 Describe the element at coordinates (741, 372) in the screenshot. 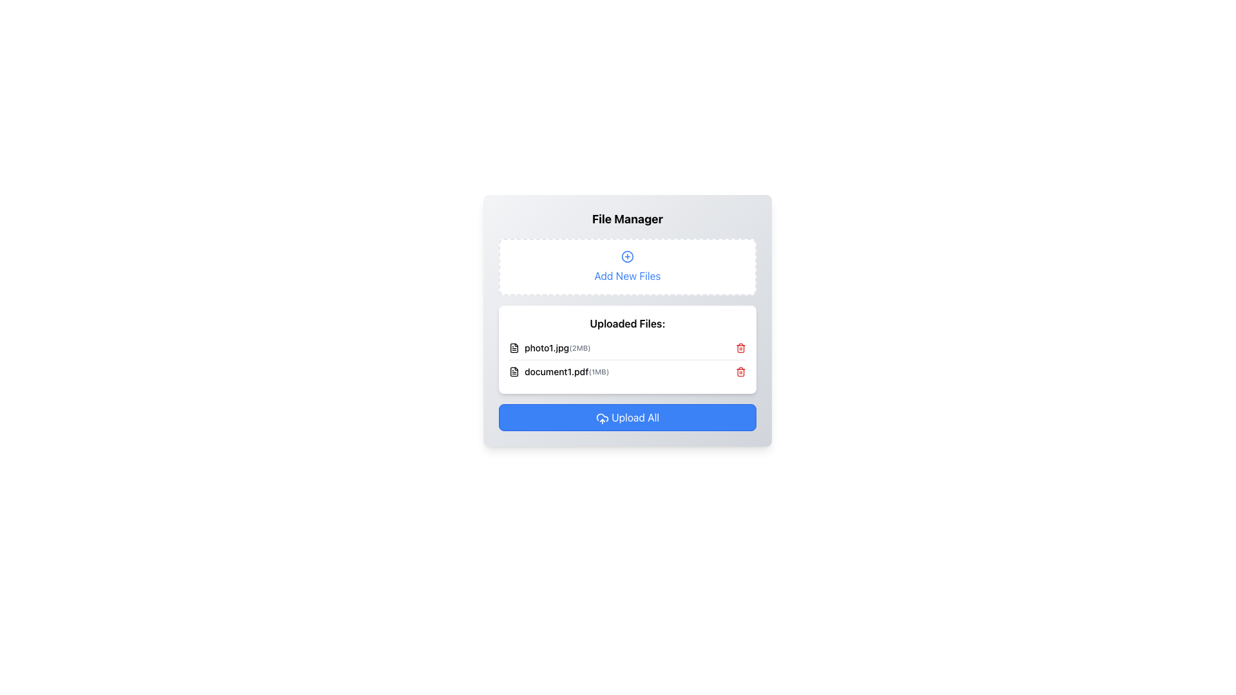

I see `the delete icon represented by a red trash bin image located to the far right of 'document1.pdf (1MB)' in the second row of the 'Uploaded Files' section` at that location.